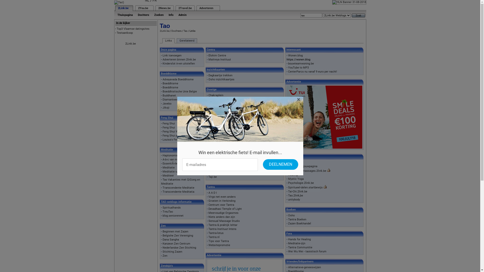  I want to click on 'Boeddhisme', so click(170, 83).